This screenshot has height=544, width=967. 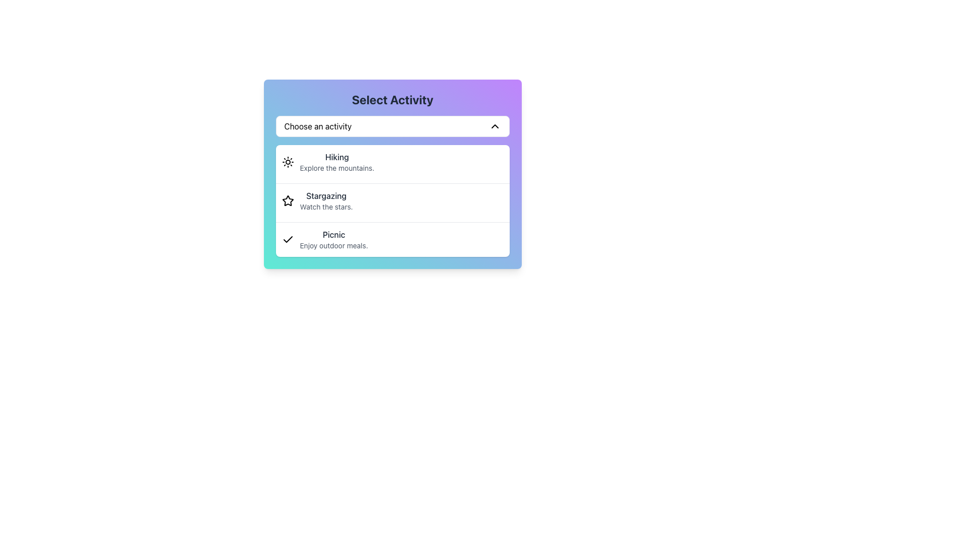 I want to click on the small checkmark icon located in the third list item of the 'Select Activity' menu, adjacent to the label 'Picnic', so click(x=287, y=239).